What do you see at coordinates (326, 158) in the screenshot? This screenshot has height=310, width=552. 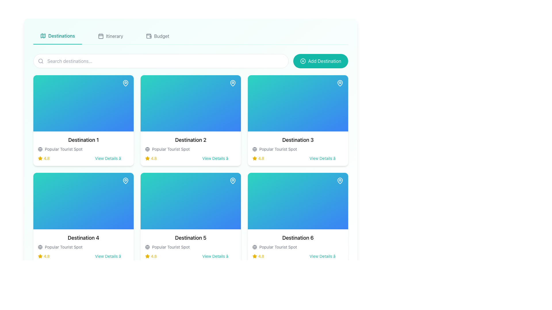 I see `the hyperlink located at the bottom-right corner of the card labeled 'Destination 3'` at bounding box center [326, 158].